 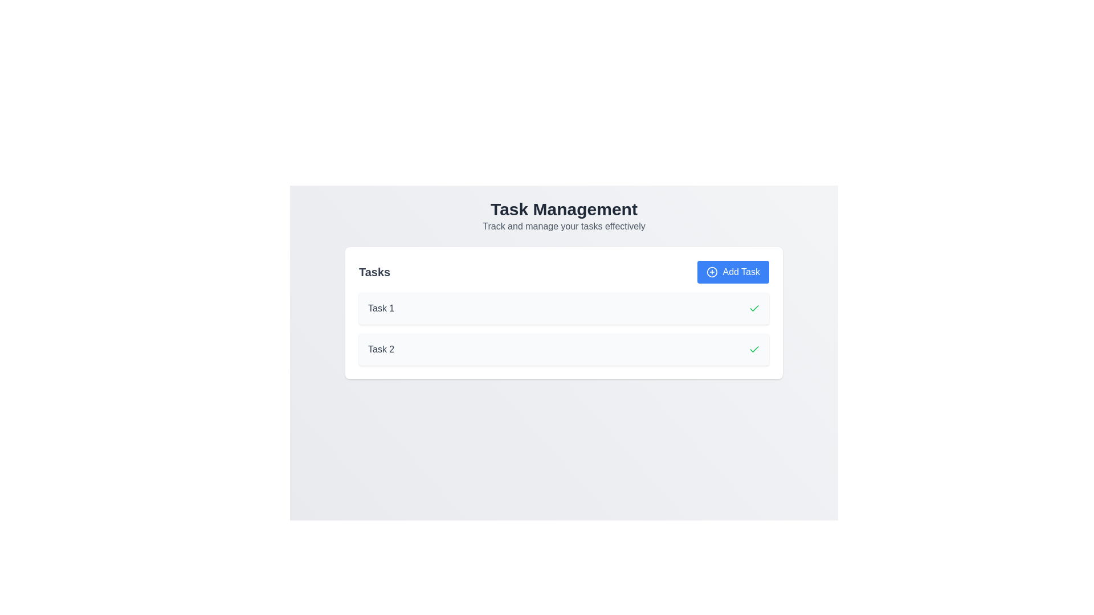 I want to click on the 'Task 2' text label displayed in gray, located within the second task entry block, so click(x=381, y=348).